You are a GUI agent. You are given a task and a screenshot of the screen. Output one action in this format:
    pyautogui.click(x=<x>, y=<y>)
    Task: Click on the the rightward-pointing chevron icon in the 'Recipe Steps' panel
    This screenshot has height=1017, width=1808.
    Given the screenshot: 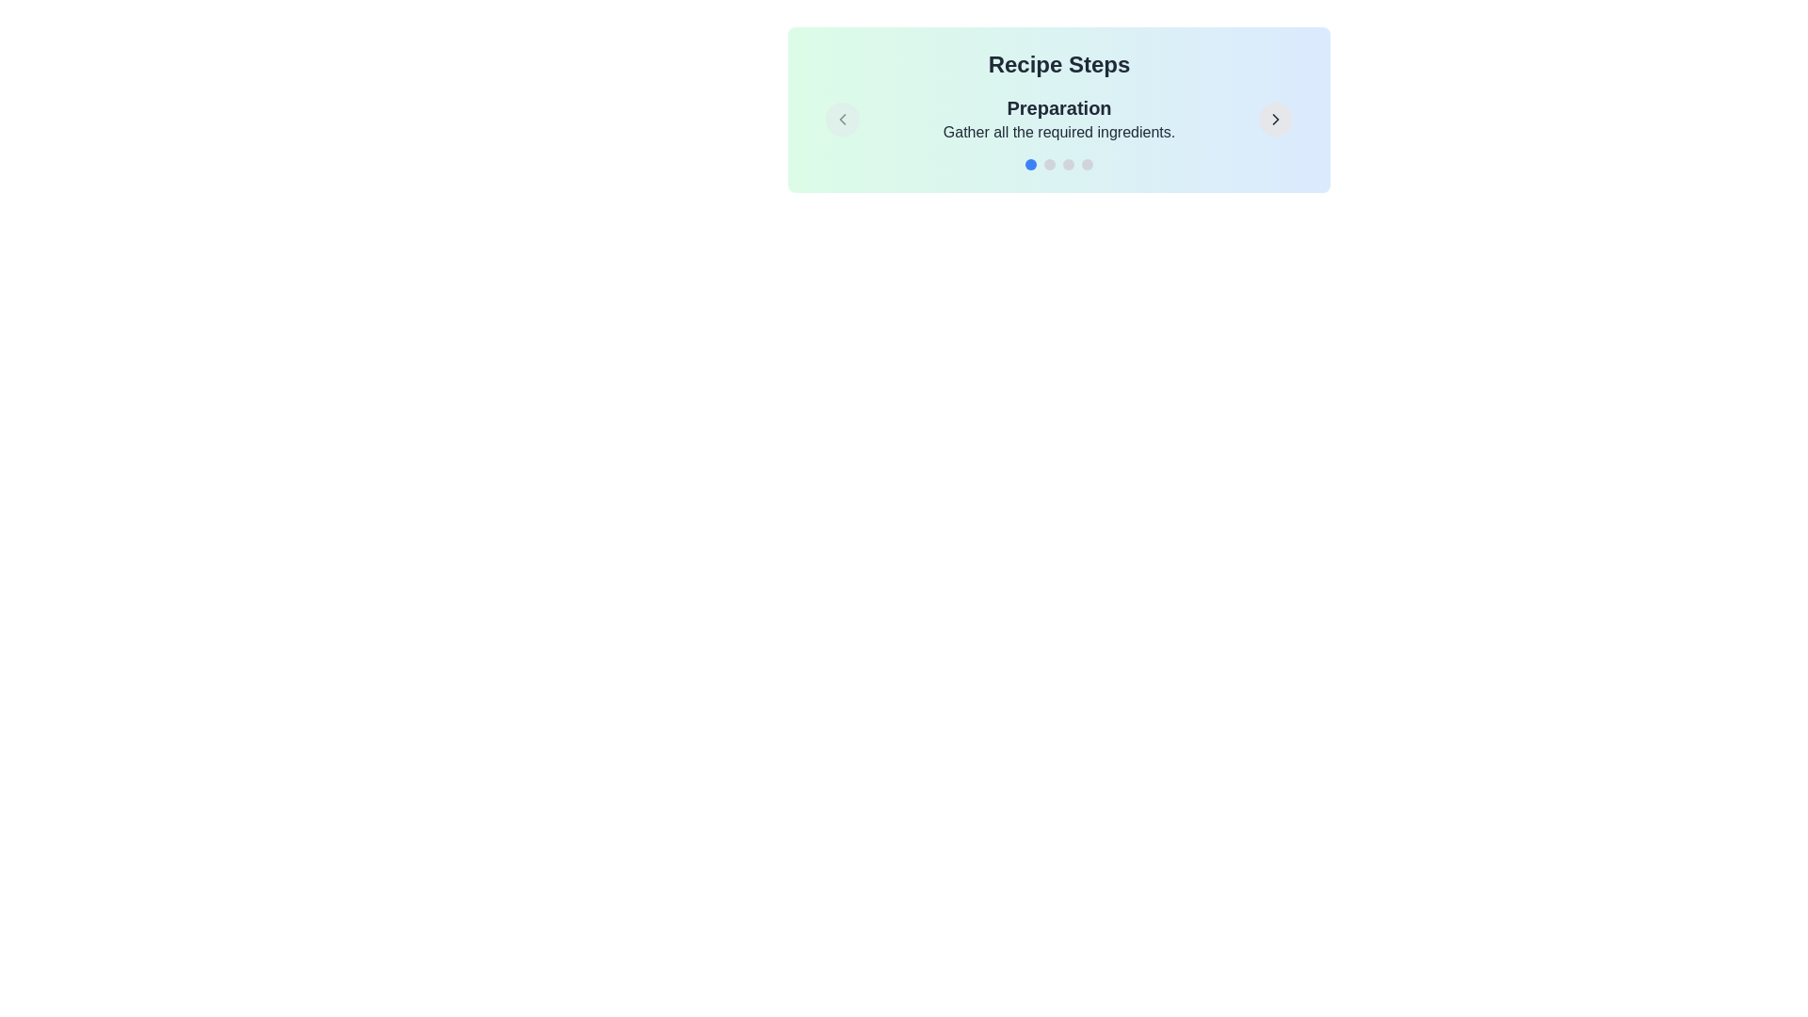 What is the action you would take?
    pyautogui.click(x=1275, y=120)
    